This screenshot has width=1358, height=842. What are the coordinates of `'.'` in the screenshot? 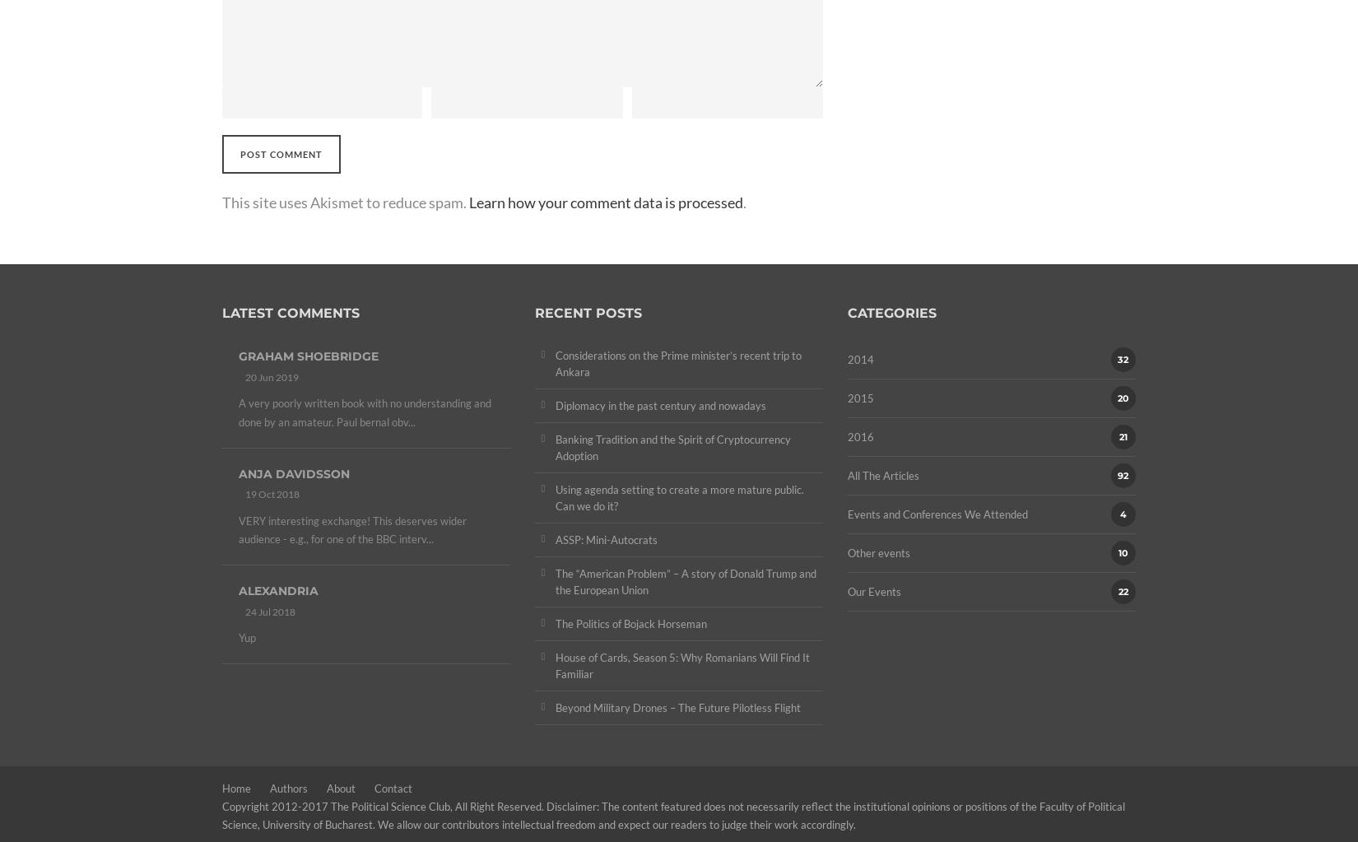 It's located at (745, 202).